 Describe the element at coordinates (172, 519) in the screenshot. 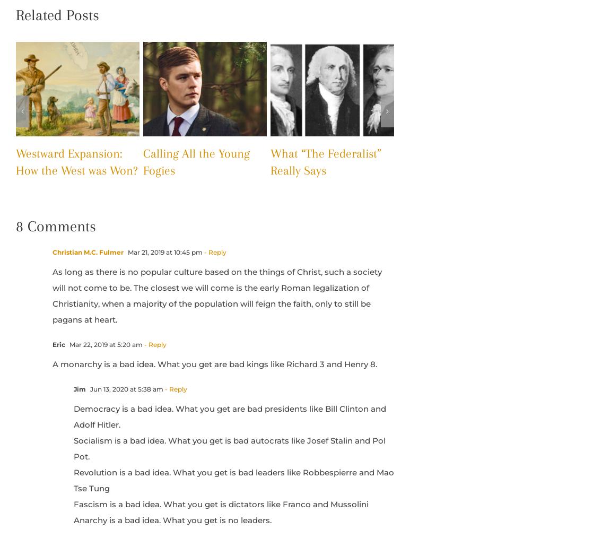

I see `'Anarchy is a bad idea. What you get is no leaders.'` at that location.